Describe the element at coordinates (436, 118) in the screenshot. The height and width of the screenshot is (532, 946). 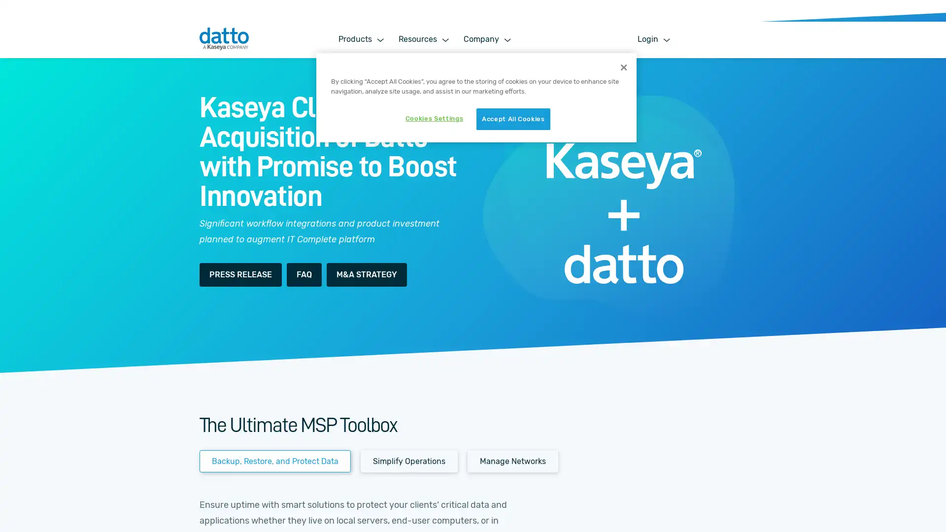
I see `Cookies Settings` at that location.